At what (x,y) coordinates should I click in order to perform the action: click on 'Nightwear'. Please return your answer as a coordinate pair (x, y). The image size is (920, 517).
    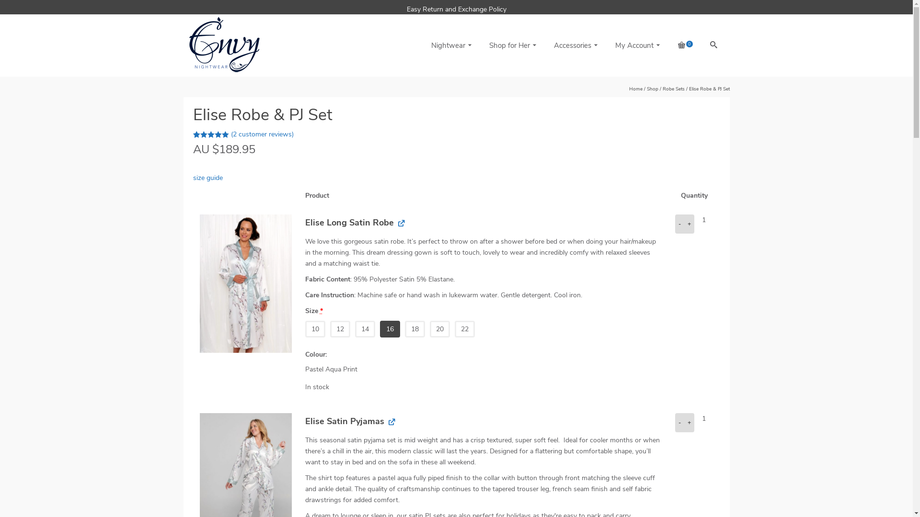
    Looking at the image, I should click on (421, 45).